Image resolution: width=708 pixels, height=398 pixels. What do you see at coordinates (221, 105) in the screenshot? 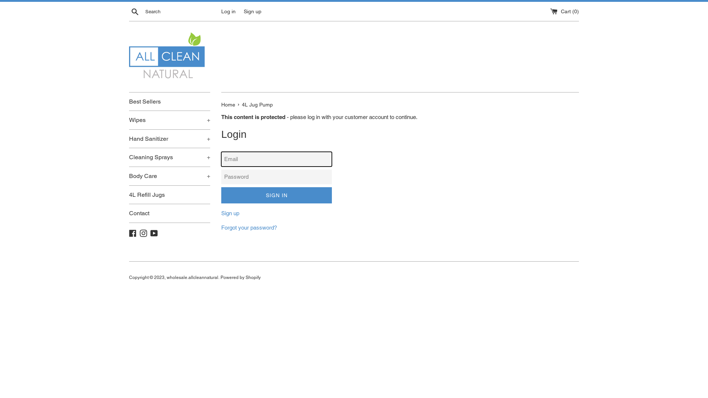
I see `'Home'` at bounding box center [221, 105].